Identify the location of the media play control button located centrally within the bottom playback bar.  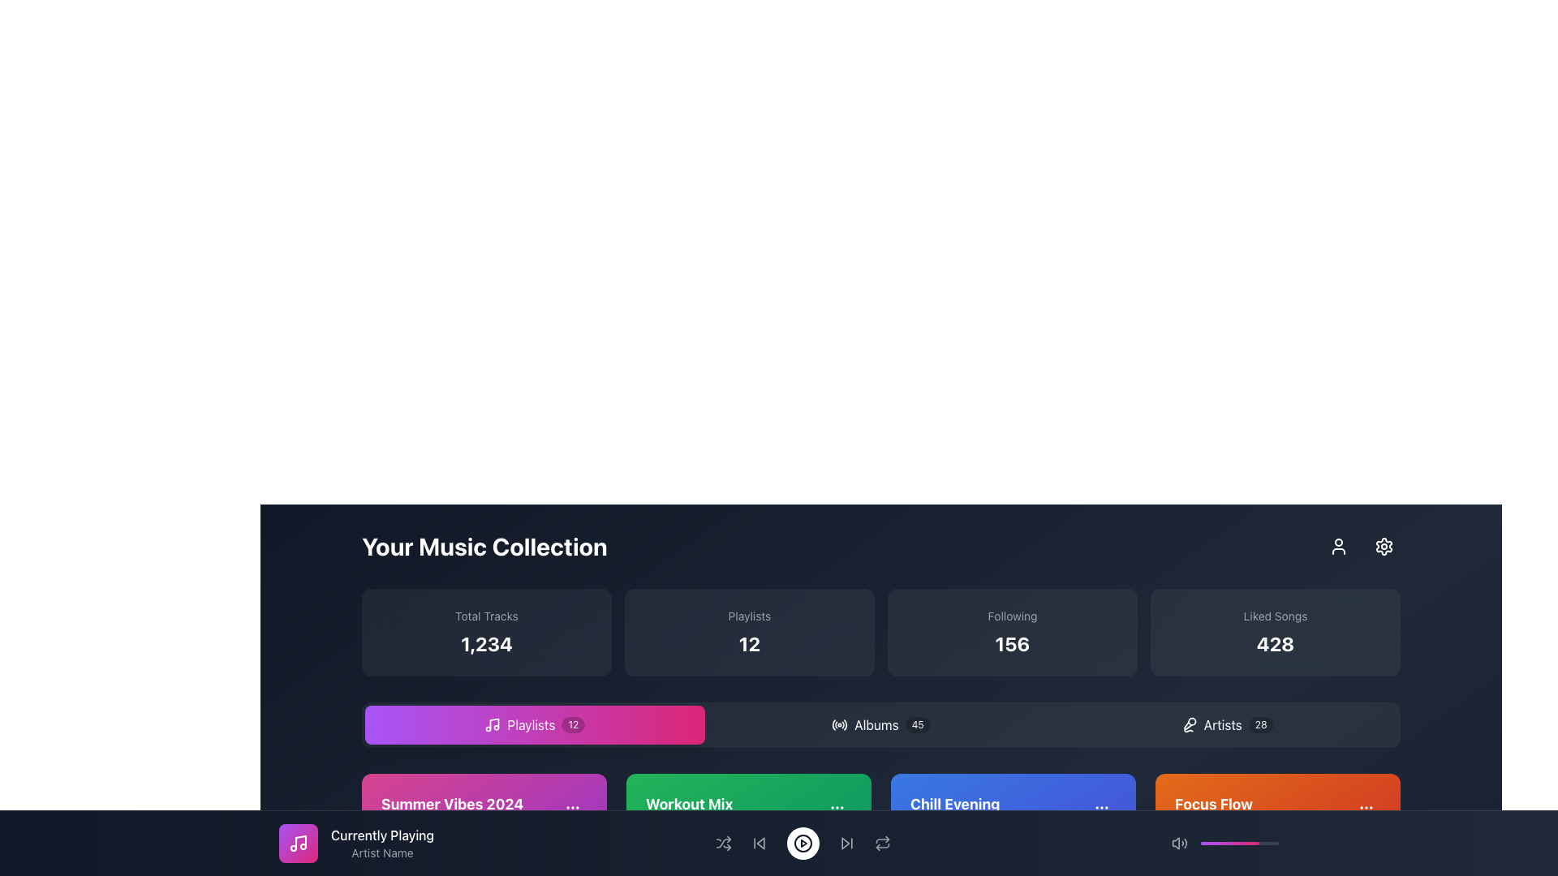
(803, 843).